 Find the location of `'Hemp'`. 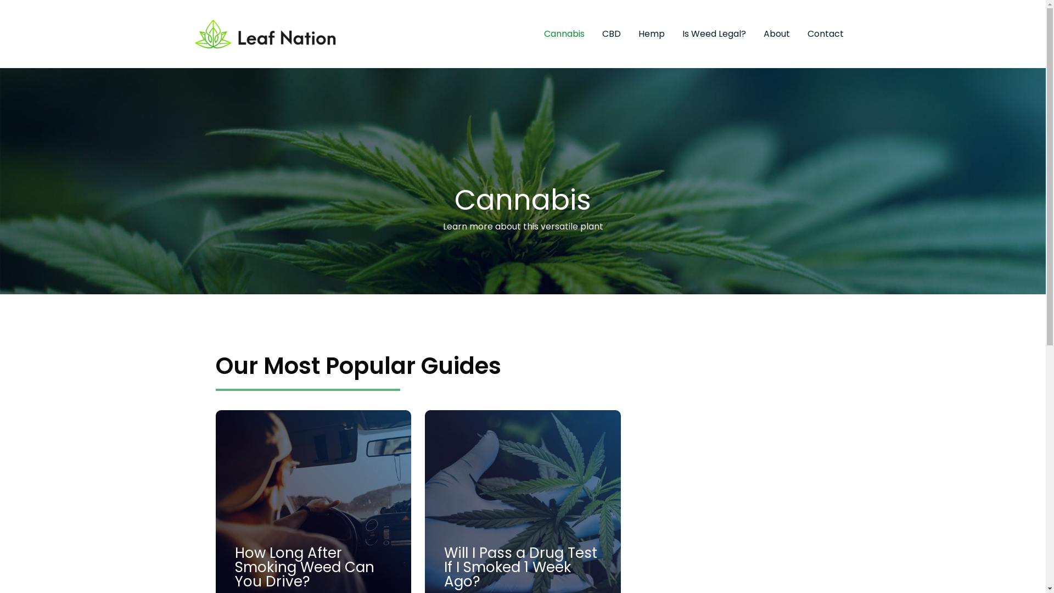

'Hemp' is located at coordinates (651, 33).